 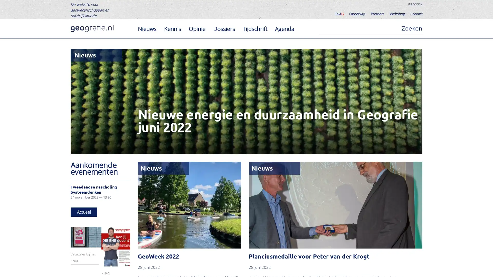 I want to click on Zoeken, so click(x=412, y=28).